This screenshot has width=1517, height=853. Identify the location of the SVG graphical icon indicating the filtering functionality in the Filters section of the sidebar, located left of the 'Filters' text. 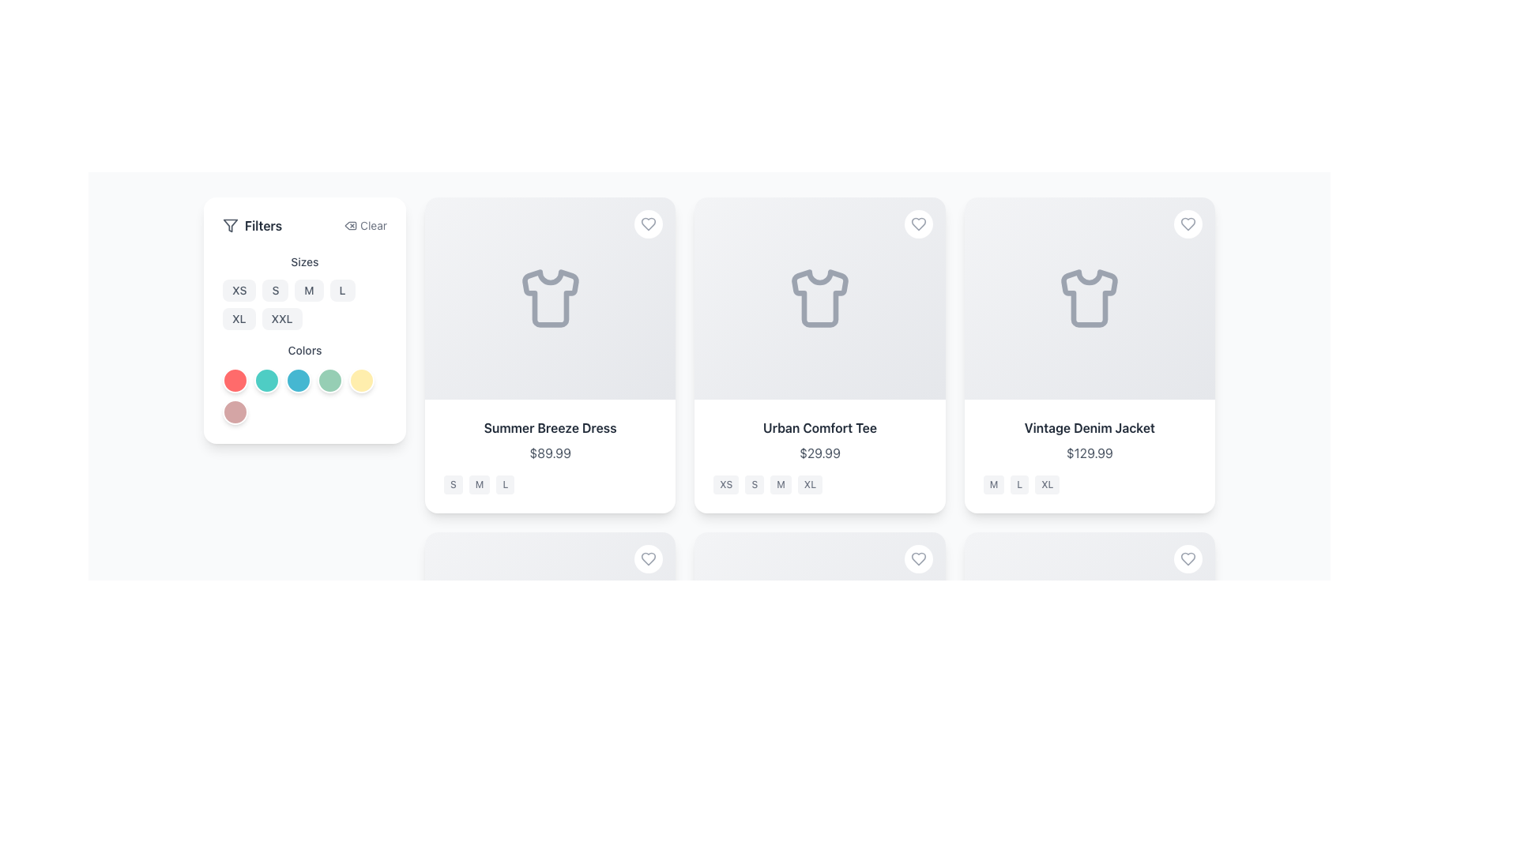
(230, 225).